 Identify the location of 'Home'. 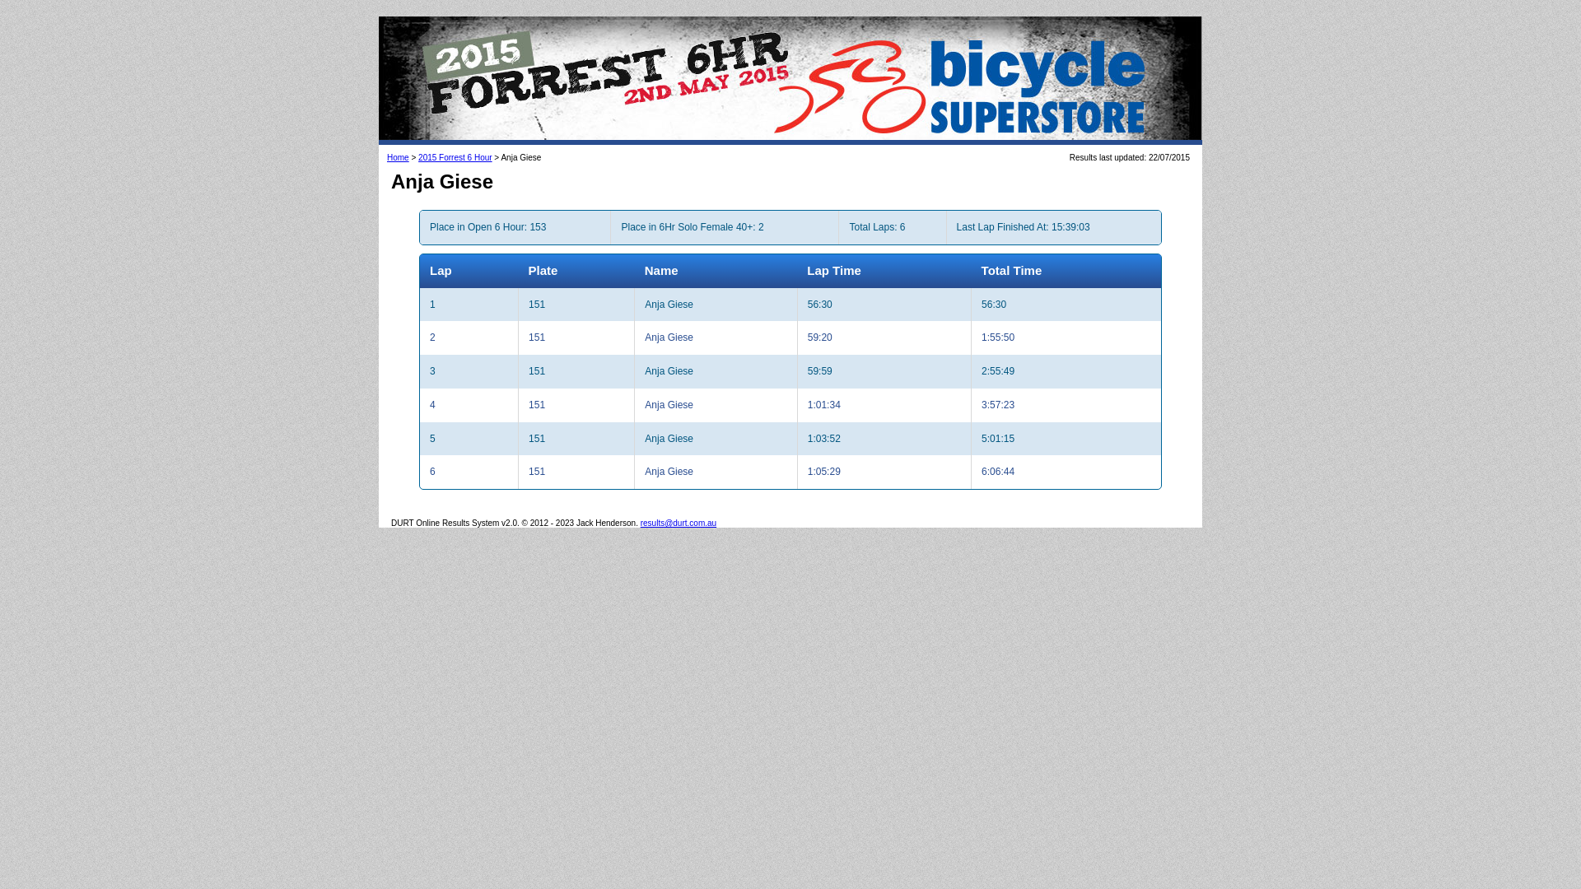
(386, 157).